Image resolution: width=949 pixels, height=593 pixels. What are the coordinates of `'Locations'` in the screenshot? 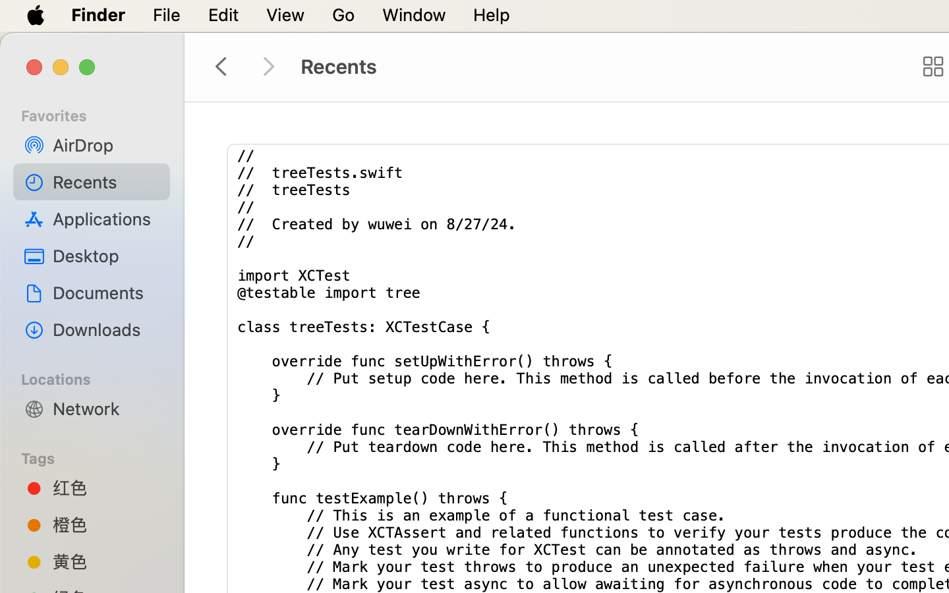 It's located at (99, 378).